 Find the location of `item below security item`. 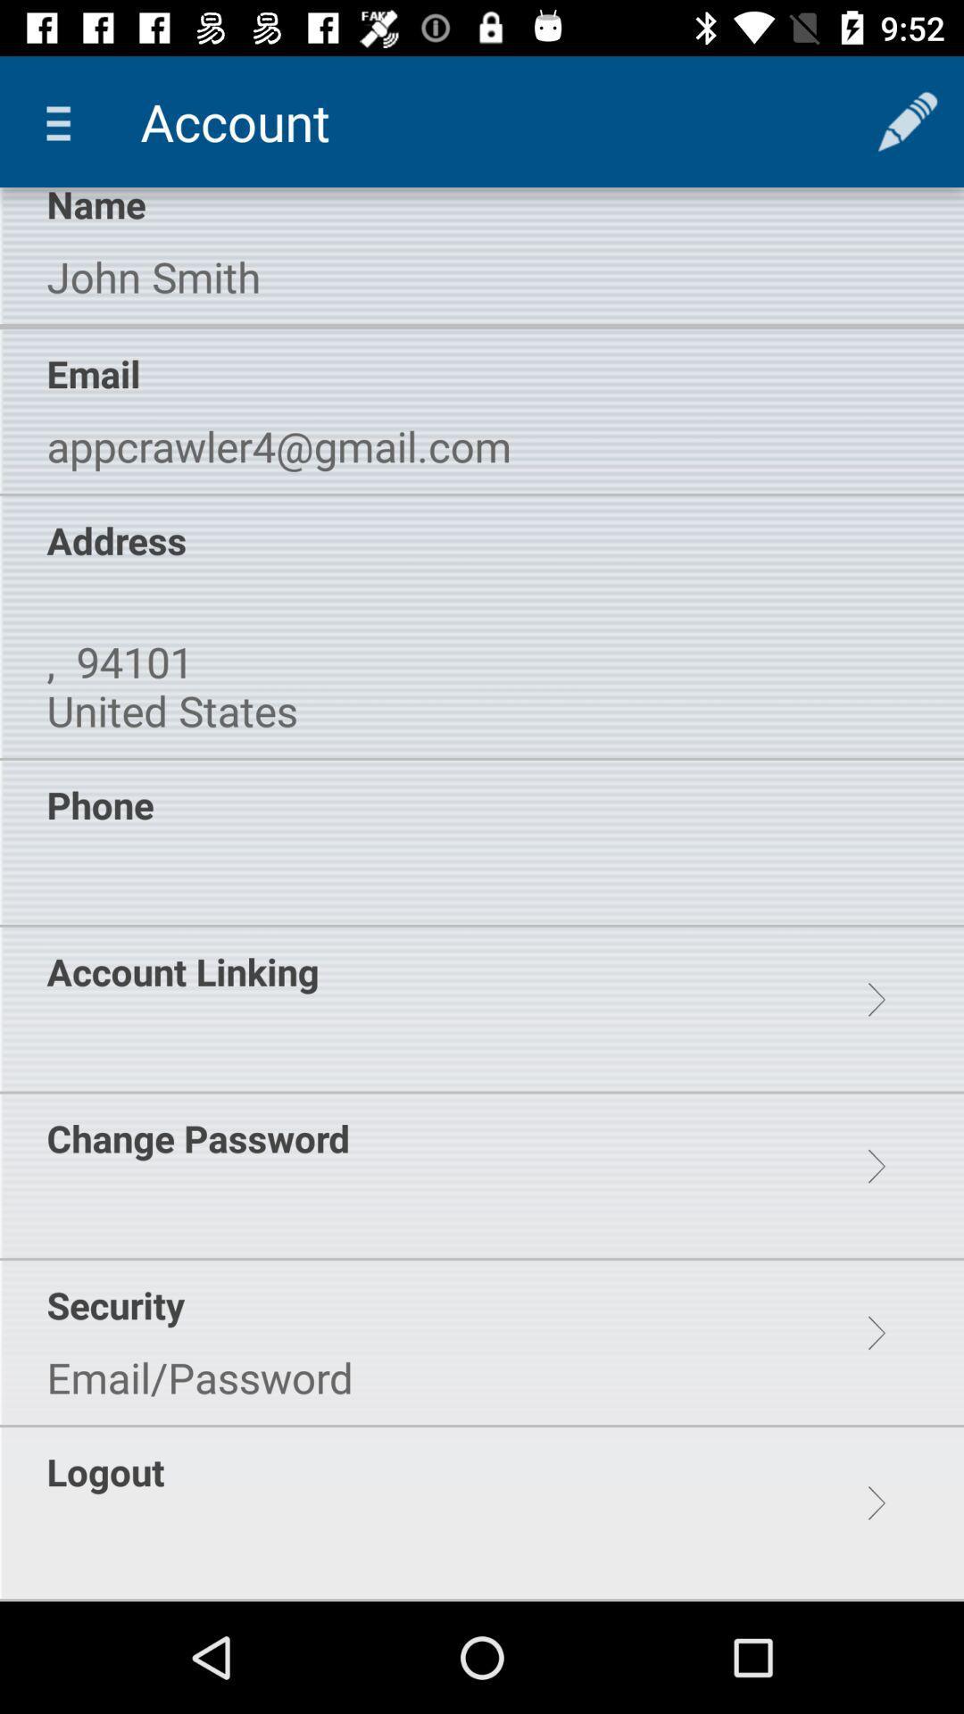

item below security item is located at coordinates (200, 1377).